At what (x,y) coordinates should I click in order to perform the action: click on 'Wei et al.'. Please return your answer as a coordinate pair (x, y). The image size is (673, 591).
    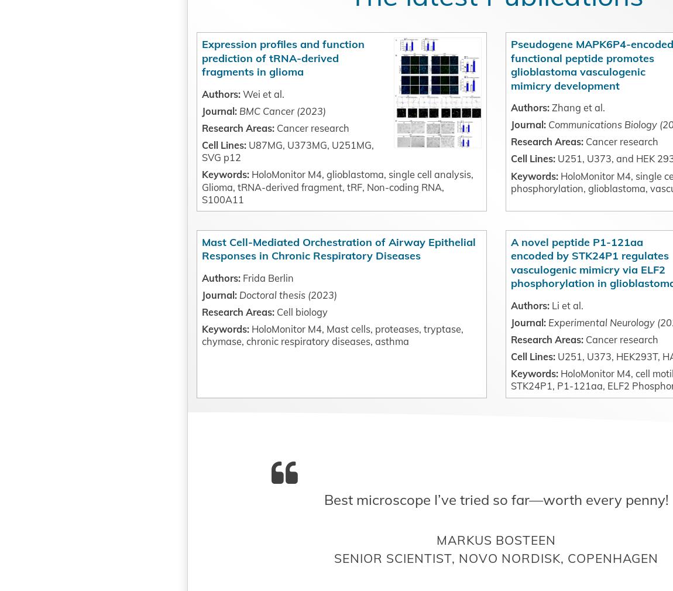
    Looking at the image, I should click on (259, 146).